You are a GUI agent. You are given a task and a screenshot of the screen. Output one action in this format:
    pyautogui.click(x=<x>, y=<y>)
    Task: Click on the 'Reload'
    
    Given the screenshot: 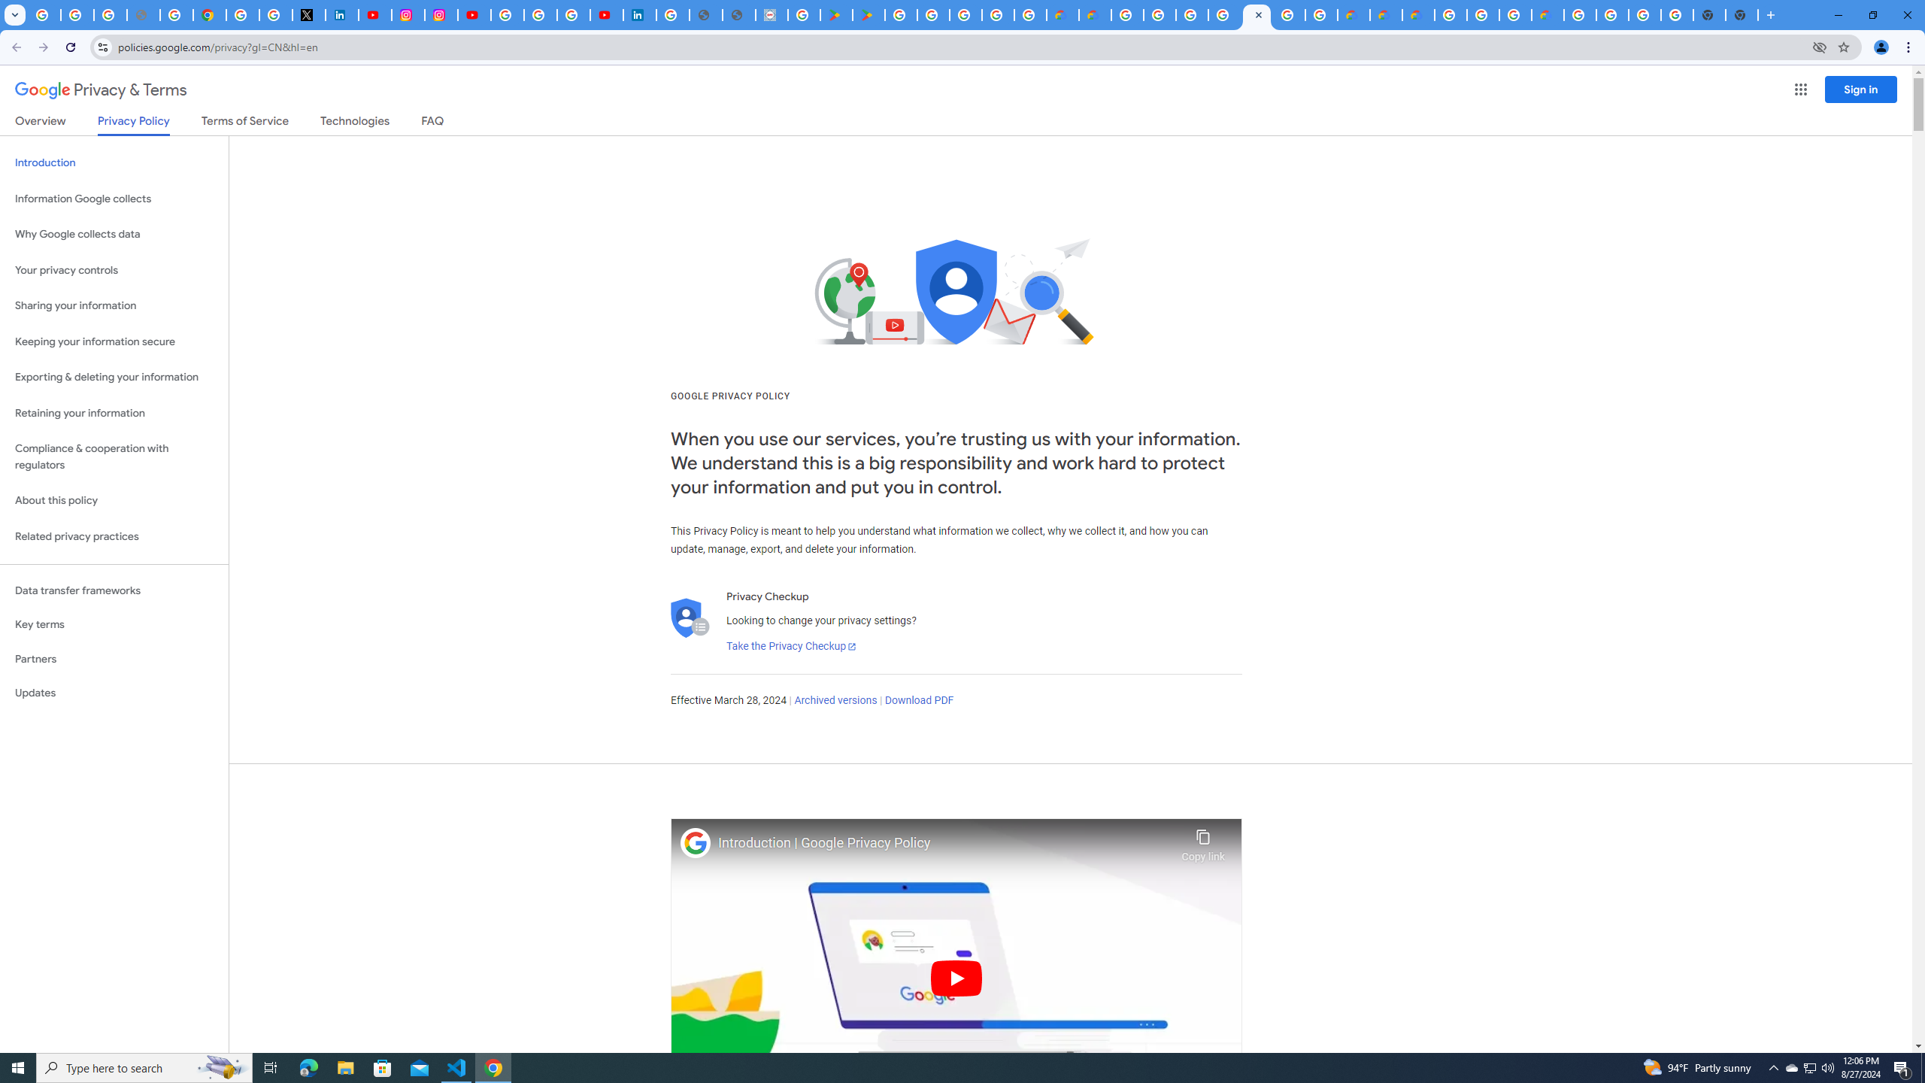 What is the action you would take?
    pyautogui.click(x=70, y=47)
    